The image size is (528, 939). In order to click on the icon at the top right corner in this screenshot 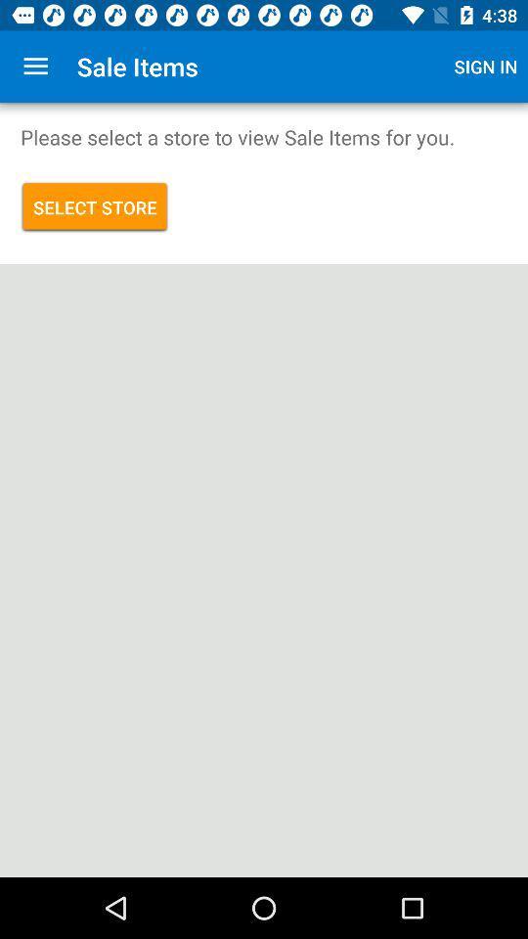, I will do `click(485, 67)`.